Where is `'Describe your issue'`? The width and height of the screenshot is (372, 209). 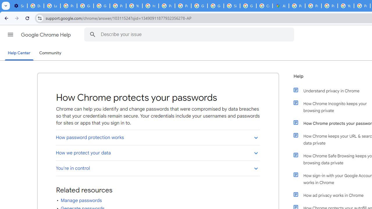 'Describe your issue' is located at coordinates (190, 34).